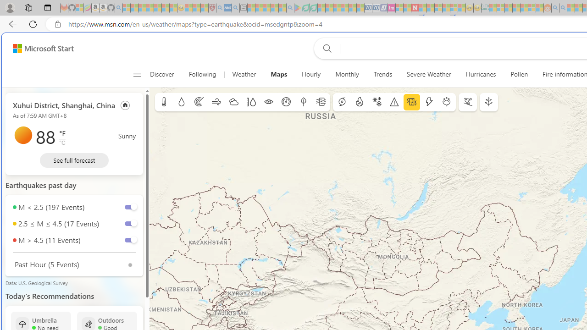 Image resolution: width=587 pixels, height=330 pixels. I want to click on 'Trends', so click(382, 74).